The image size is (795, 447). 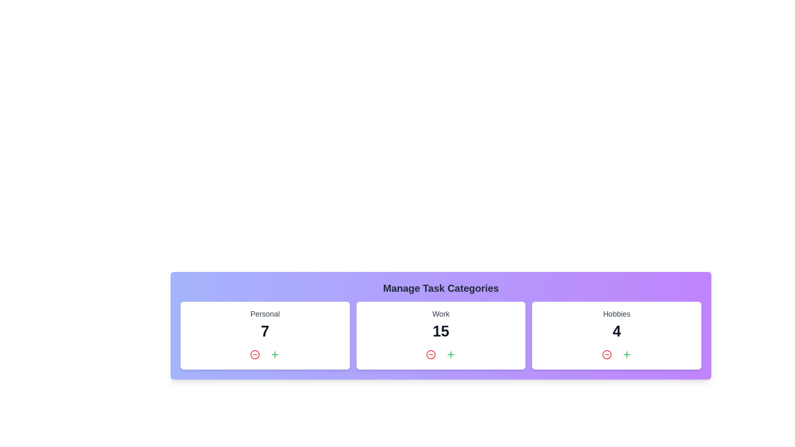 I want to click on the task count '7' of the 'Personal' category, so click(x=264, y=331).